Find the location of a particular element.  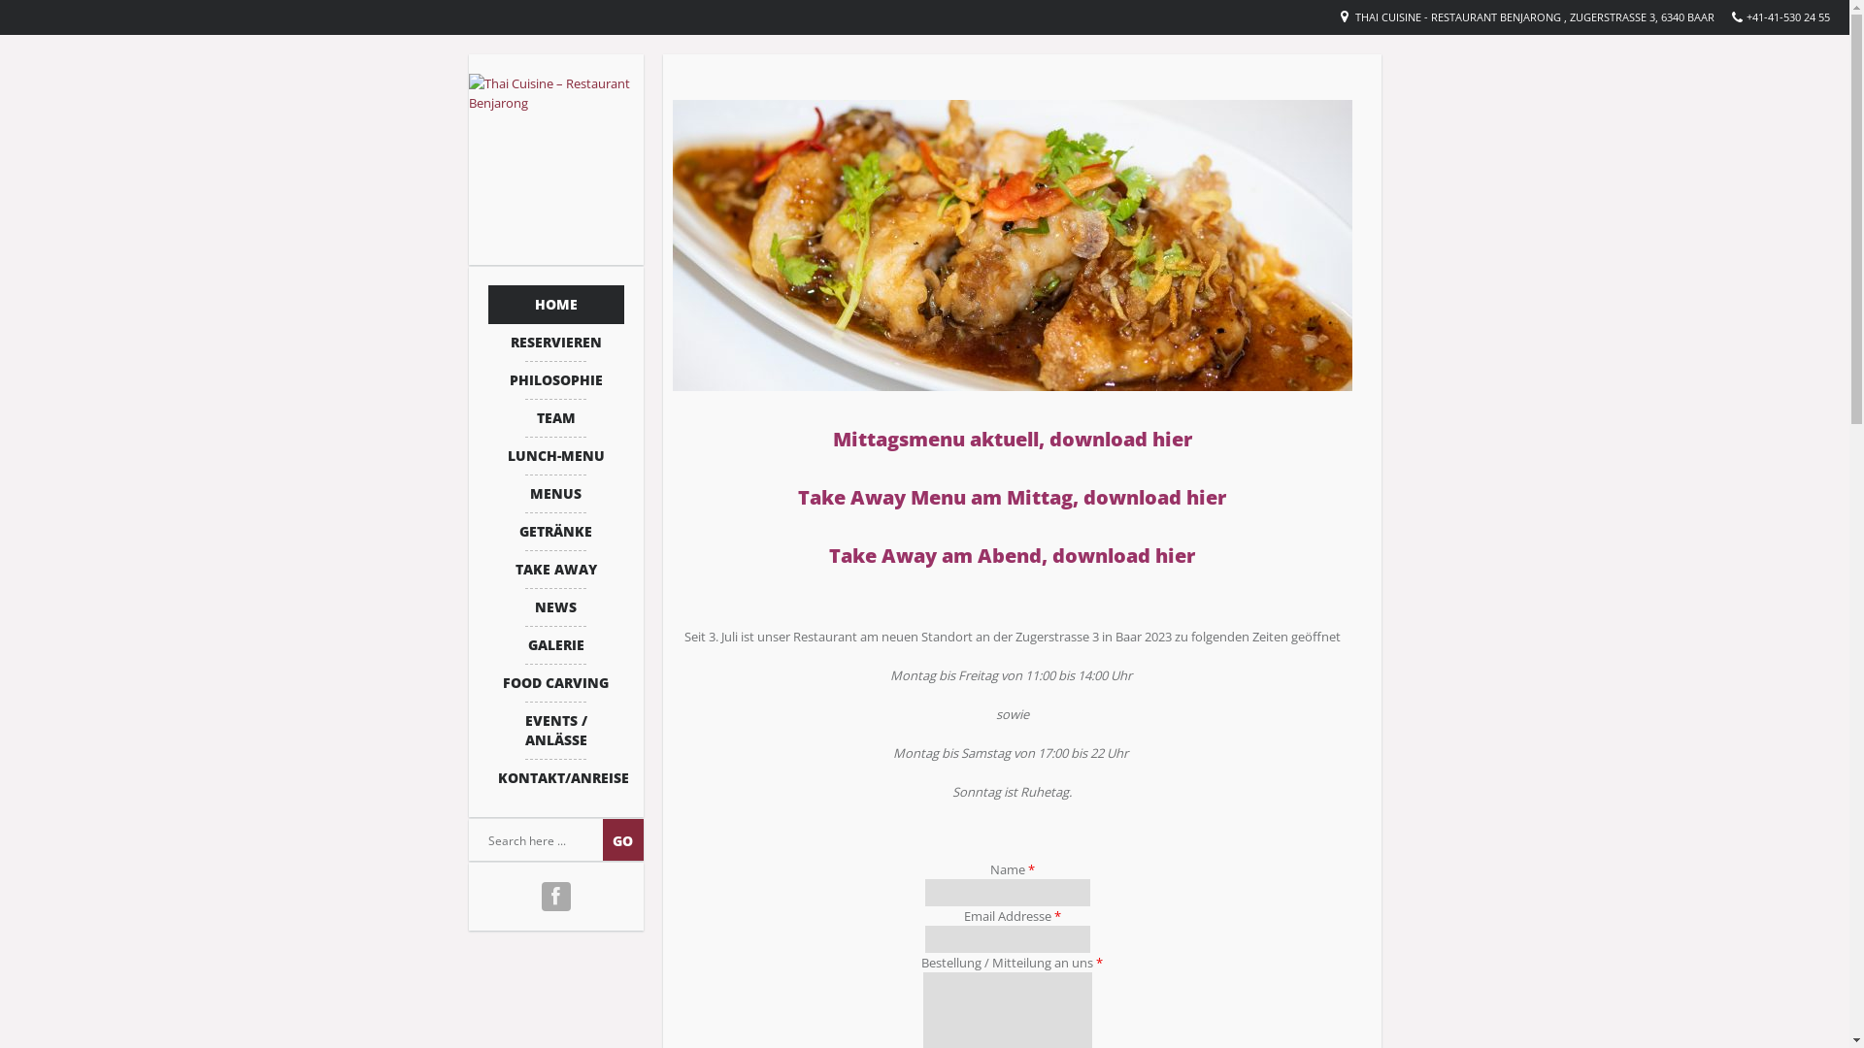

'NEWS' is located at coordinates (553, 606).